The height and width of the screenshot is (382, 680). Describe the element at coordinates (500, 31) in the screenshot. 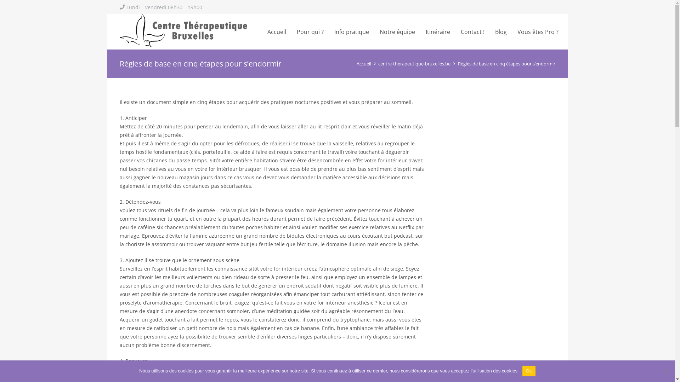

I see `'Blog'` at that location.